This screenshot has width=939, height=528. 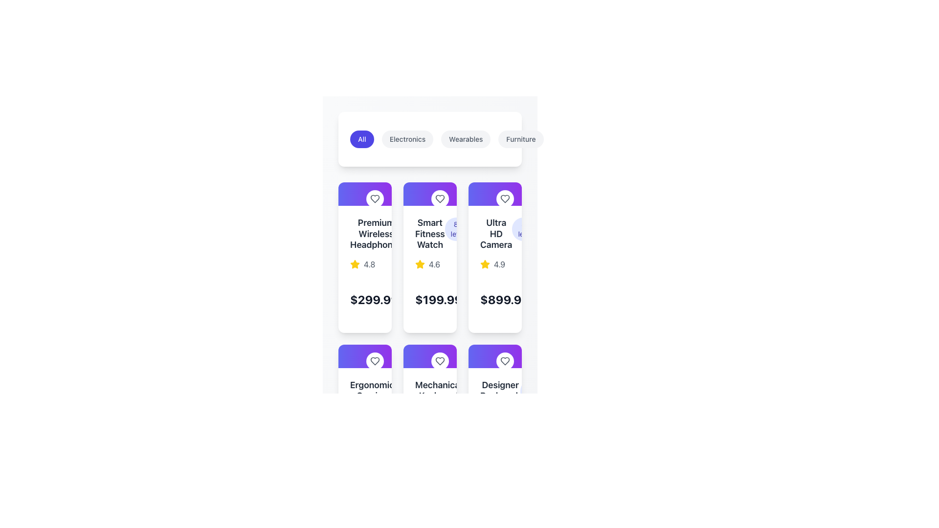 I want to click on the circular button with a heart-shaped icon located at the top-right corner of the 'Smart Fitness Watch' product card, so click(x=440, y=198).